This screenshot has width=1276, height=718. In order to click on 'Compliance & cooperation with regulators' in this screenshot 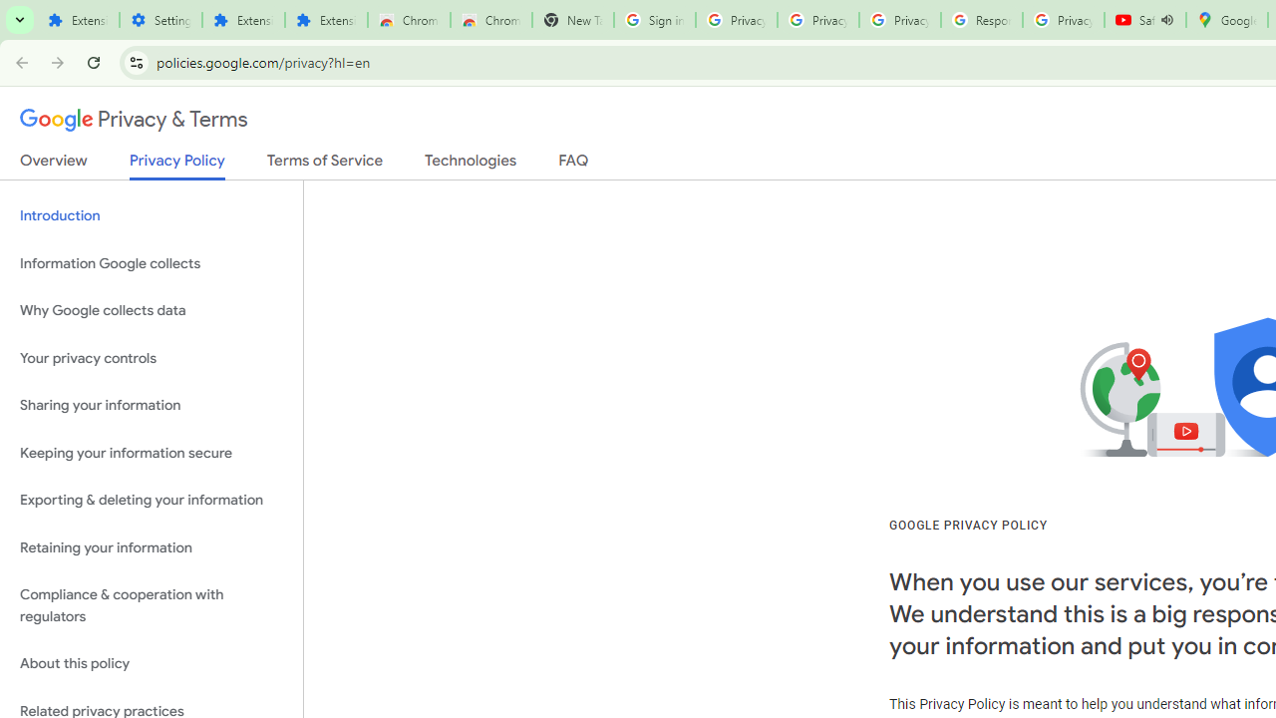, I will do `click(151, 605)`.